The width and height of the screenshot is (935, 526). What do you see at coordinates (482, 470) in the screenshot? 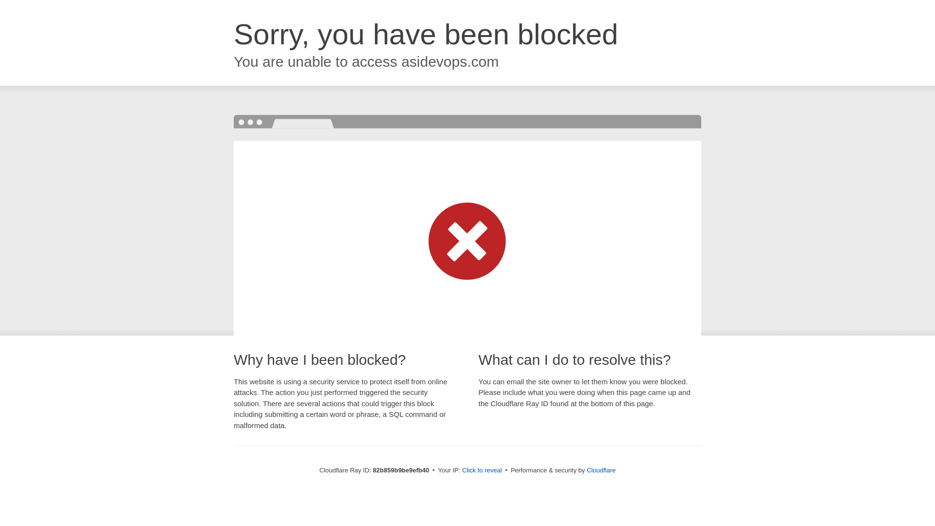
I see `'Click to reveal'` at bounding box center [482, 470].